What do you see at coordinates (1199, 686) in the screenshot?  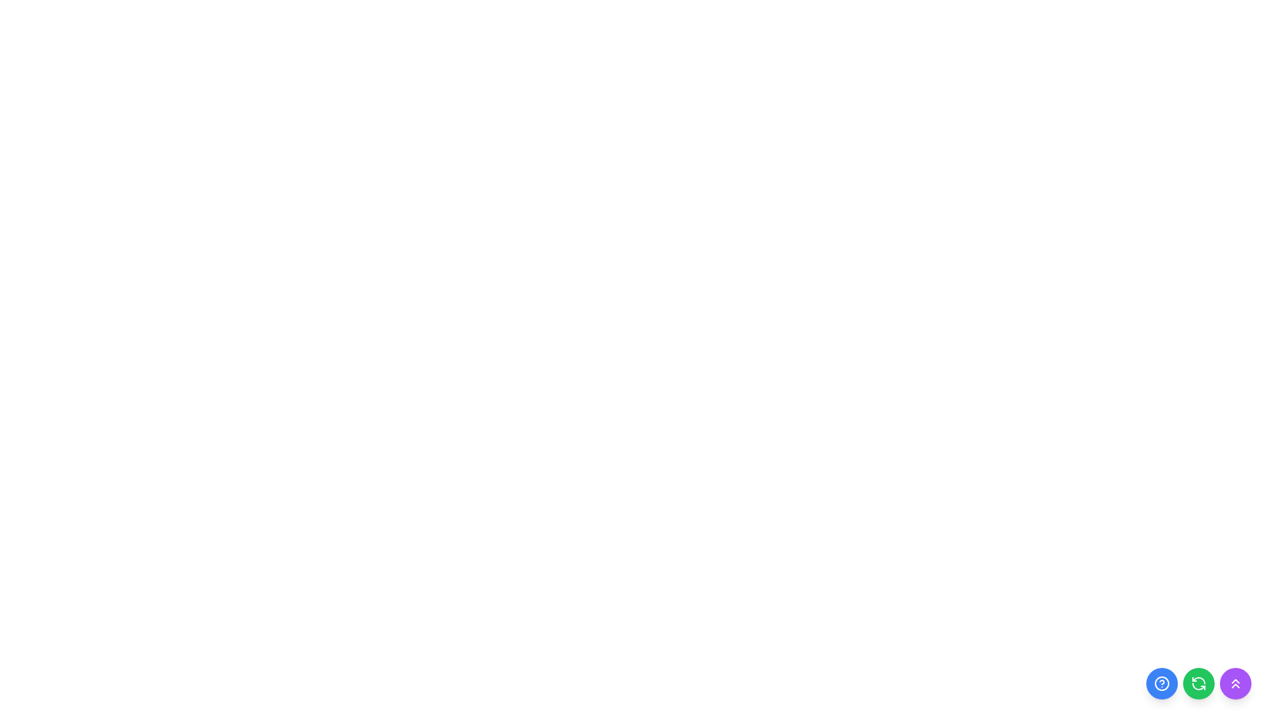 I see `the third segment of the circular arrow shape, which visually represents a curved arrow indicating rotation or refresh functionality` at bounding box center [1199, 686].